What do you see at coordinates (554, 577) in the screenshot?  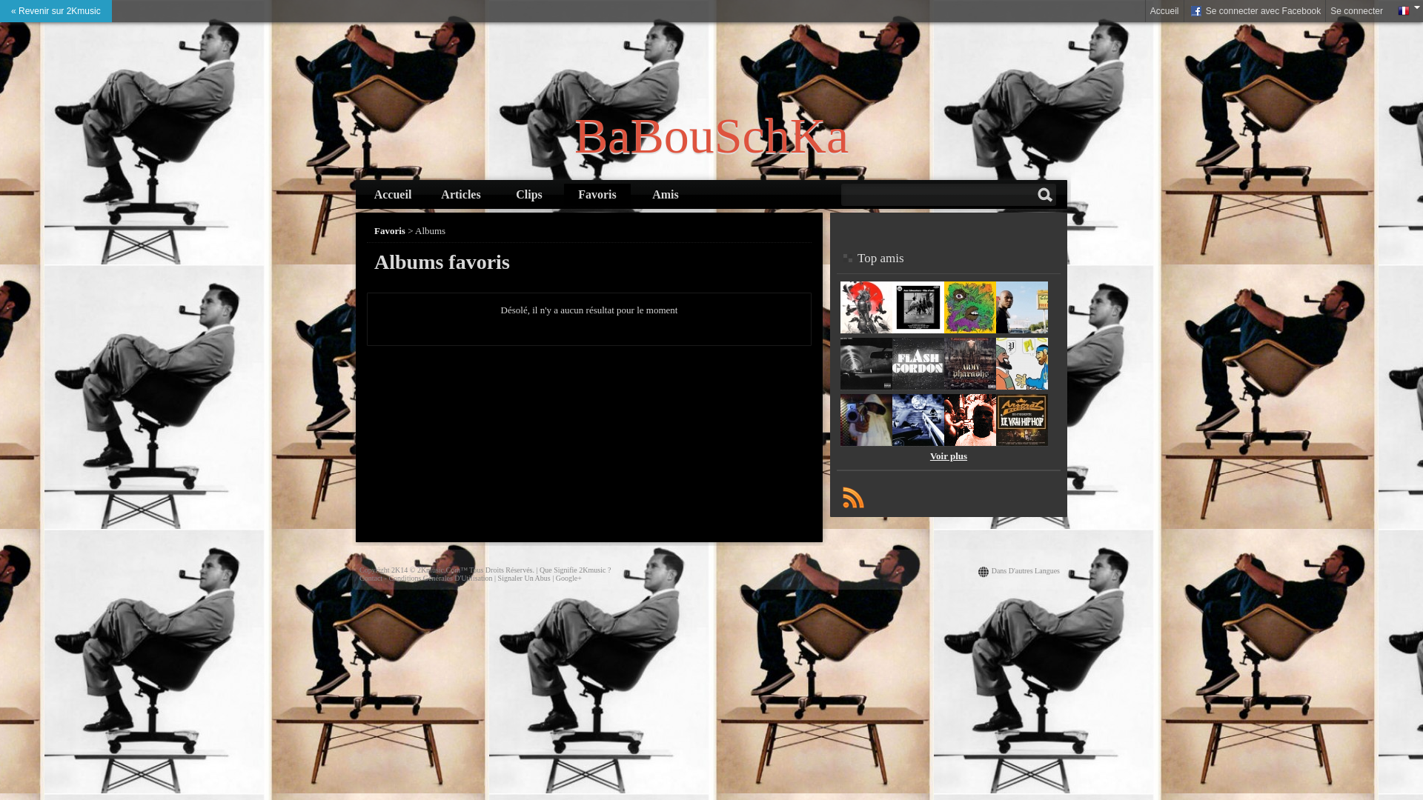 I see `'Google+'` at bounding box center [554, 577].